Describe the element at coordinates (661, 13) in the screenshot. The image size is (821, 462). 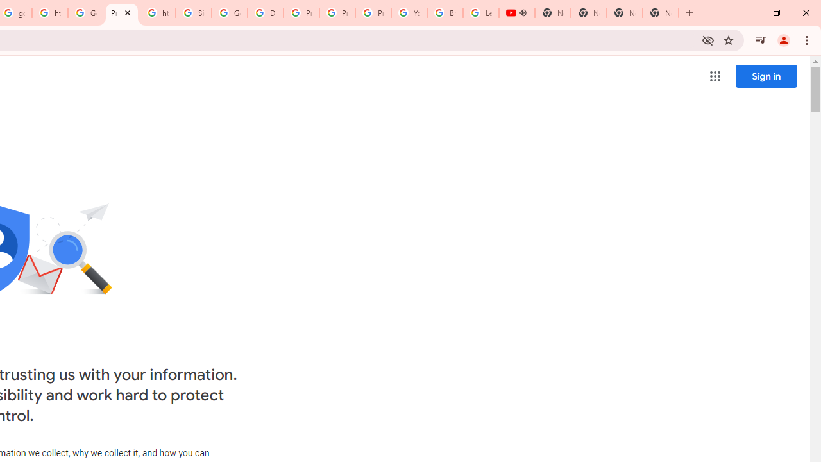
I see `'New Tab'` at that location.